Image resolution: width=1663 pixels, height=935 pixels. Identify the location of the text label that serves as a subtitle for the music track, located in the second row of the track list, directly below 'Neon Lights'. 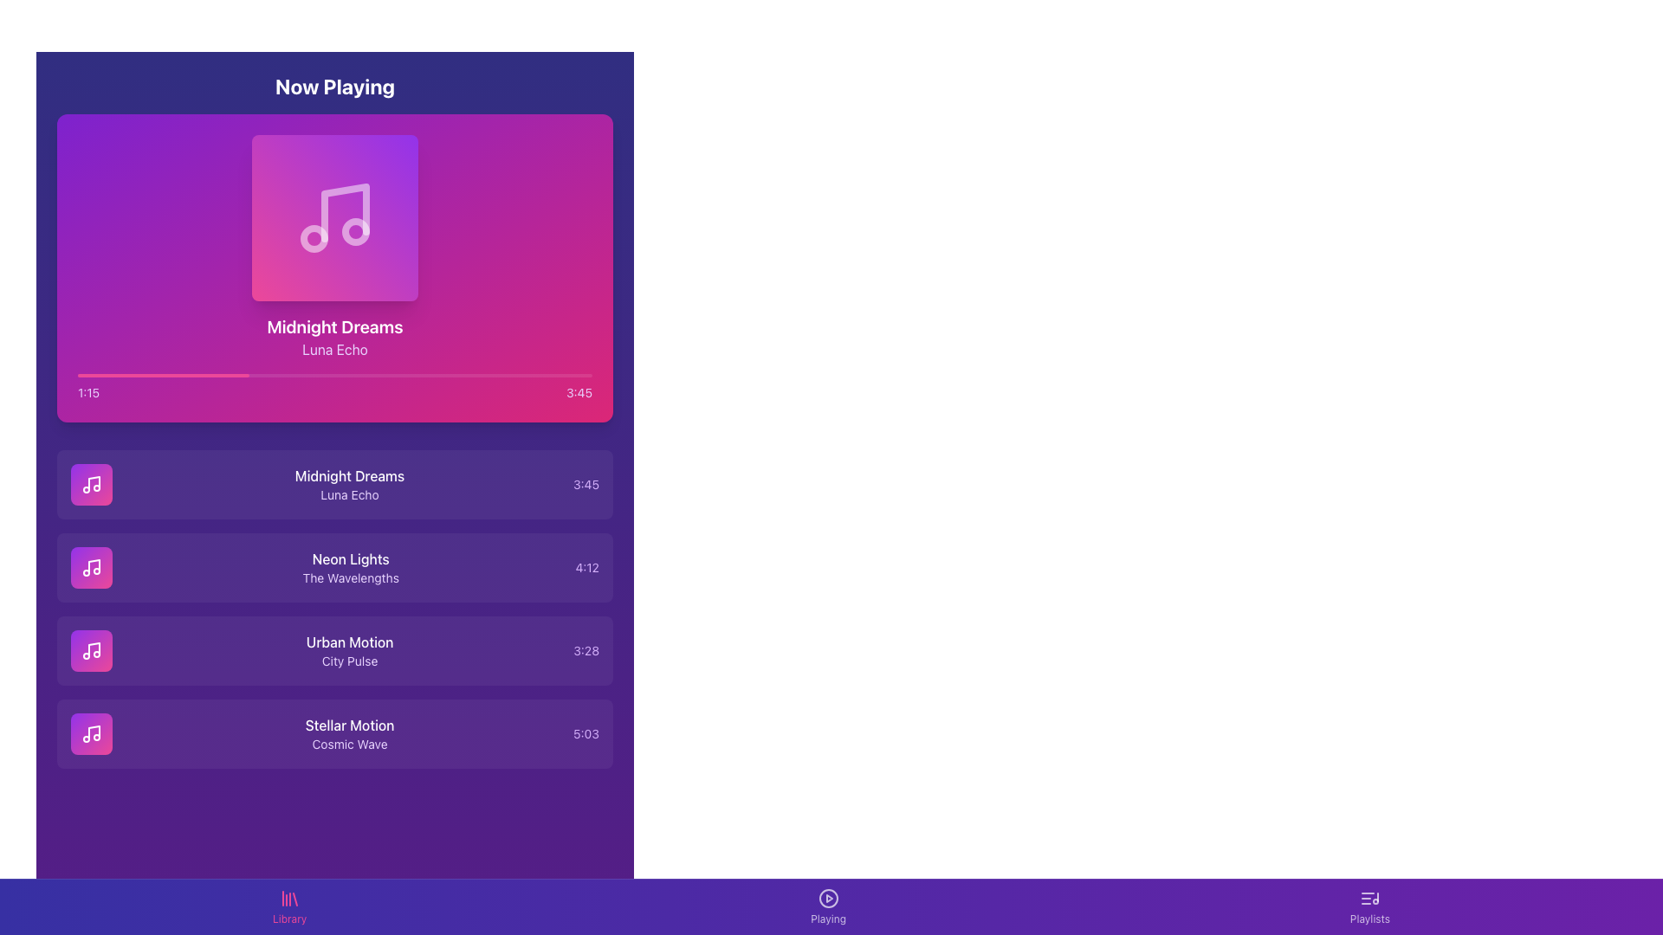
(350, 577).